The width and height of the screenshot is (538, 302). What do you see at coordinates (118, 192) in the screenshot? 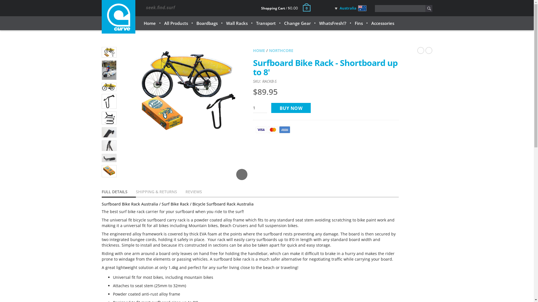
I see `'FULL DETAILS'` at bounding box center [118, 192].